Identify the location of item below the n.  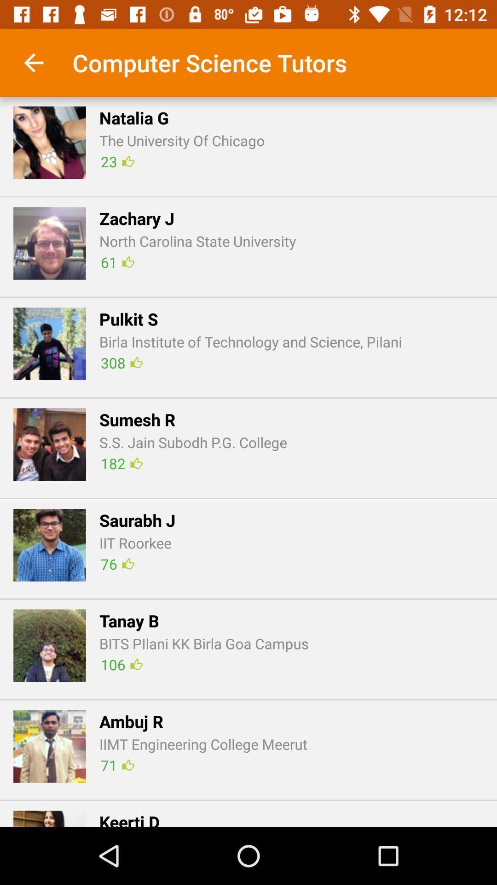
(248, 196).